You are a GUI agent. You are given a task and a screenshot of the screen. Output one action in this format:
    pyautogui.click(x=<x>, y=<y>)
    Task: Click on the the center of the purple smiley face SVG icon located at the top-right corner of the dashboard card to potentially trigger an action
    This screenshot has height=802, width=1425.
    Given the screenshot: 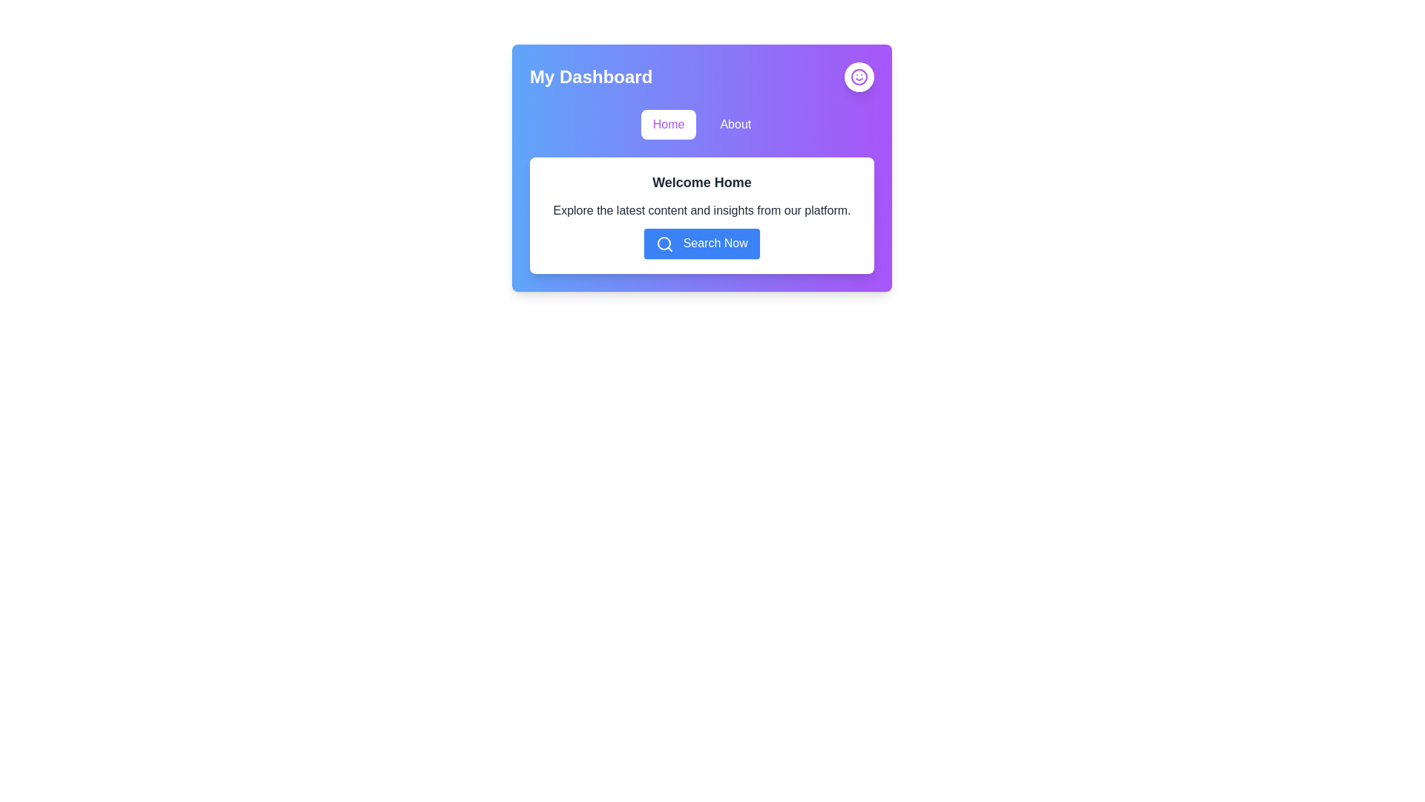 What is the action you would take?
    pyautogui.click(x=859, y=77)
    